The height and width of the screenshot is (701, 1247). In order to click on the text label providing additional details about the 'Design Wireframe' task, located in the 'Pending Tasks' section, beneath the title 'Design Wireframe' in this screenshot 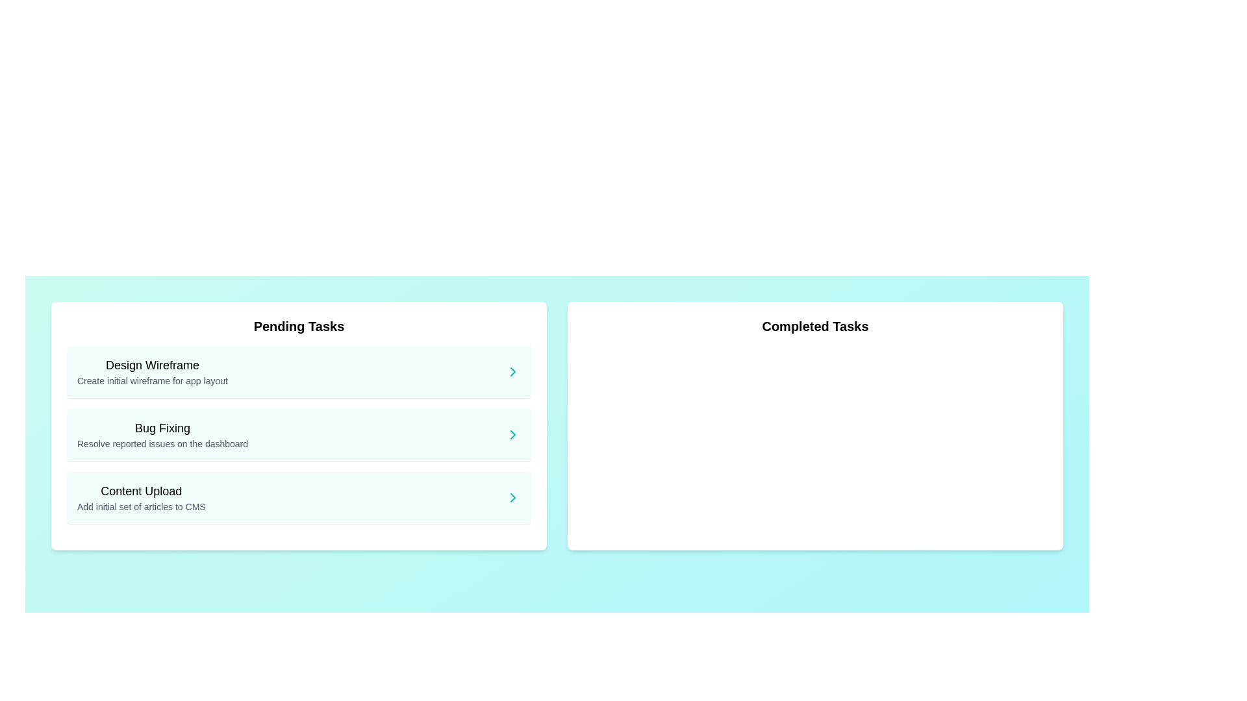, I will do `click(153, 380)`.